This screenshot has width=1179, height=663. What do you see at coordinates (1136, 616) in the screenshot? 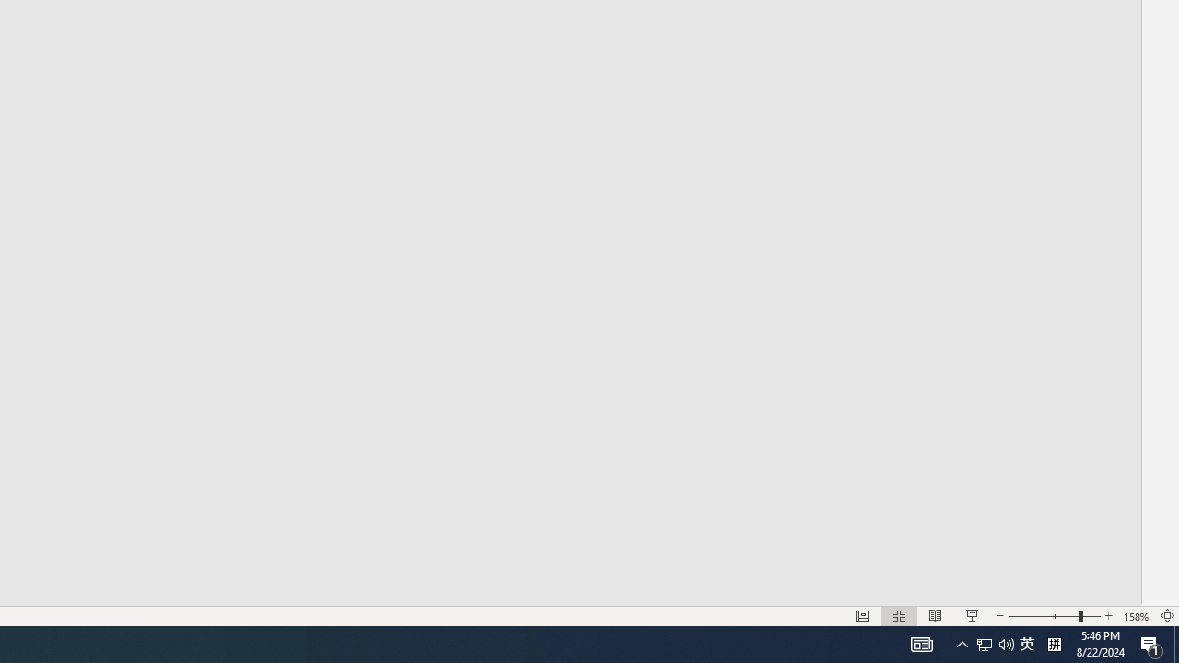
I see `'Zoom 158%'` at bounding box center [1136, 616].